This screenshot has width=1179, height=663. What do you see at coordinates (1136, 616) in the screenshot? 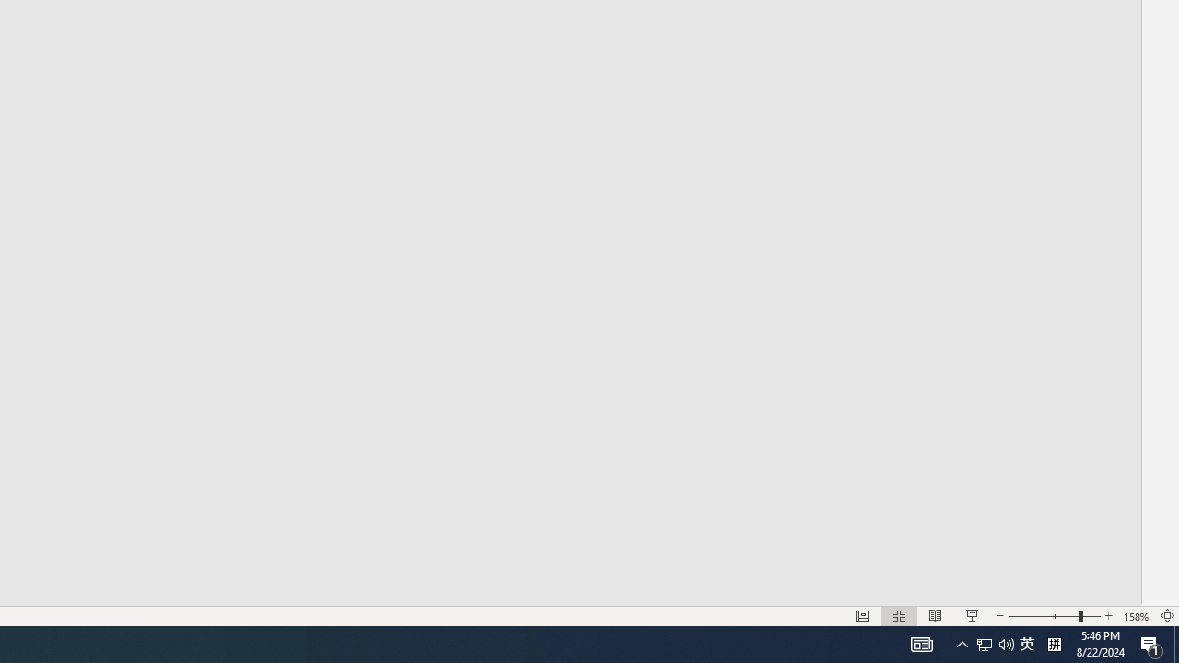
I see `'Zoom 158%'` at bounding box center [1136, 616].